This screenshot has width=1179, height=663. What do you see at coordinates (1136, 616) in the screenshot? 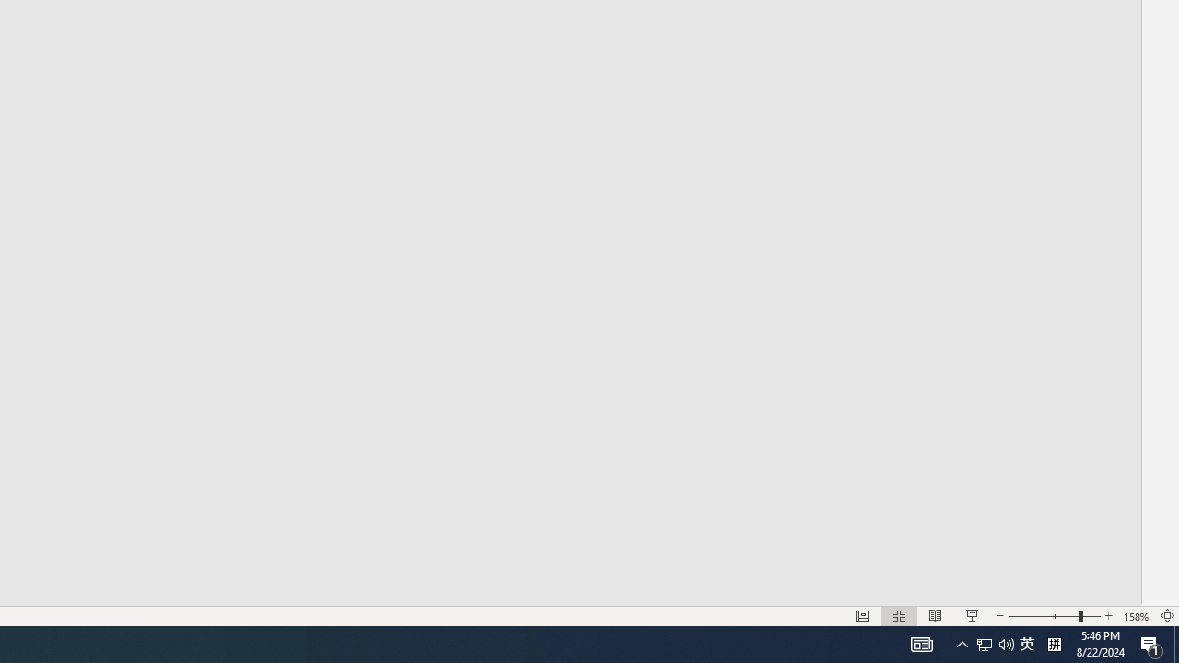
I see `'Zoom 158%'` at bounding box center [1136, 616].